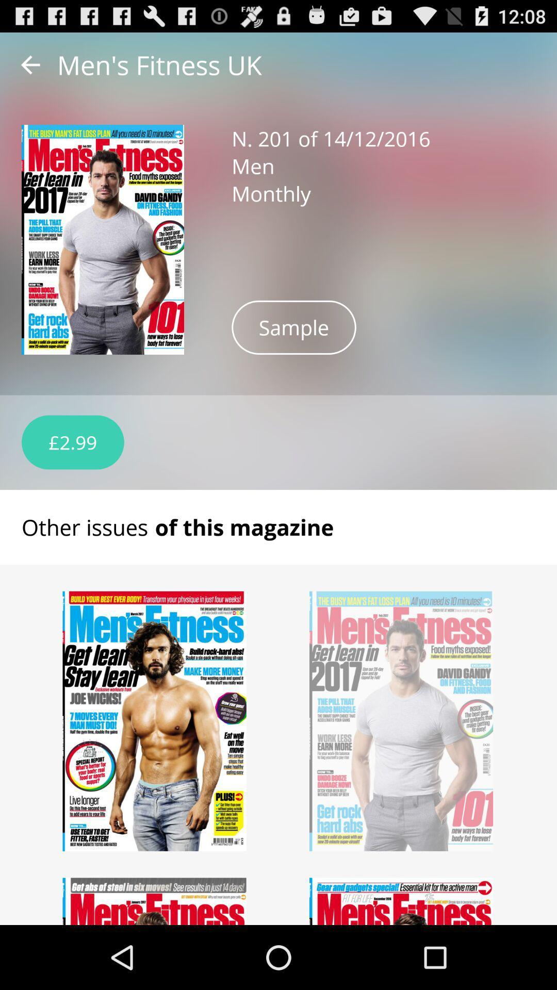 The height and width of the screenshot is (990, 557). I want to click on item next to the men s fitness, so click(30, 64).